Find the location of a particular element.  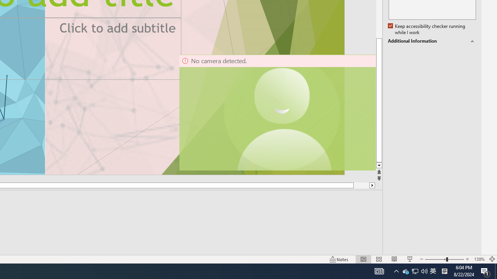

'Additional Information' is located at coordinates (431, 41).